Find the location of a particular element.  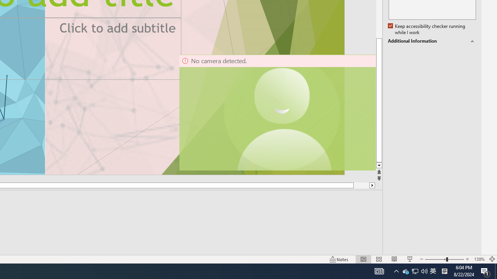

'Additional Information' is located at coordinates (431, 41).